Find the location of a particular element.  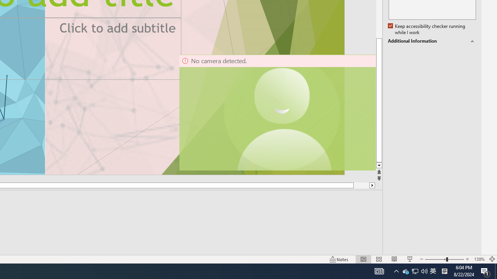

'Additional Information' is located at coordinates (431, 41).